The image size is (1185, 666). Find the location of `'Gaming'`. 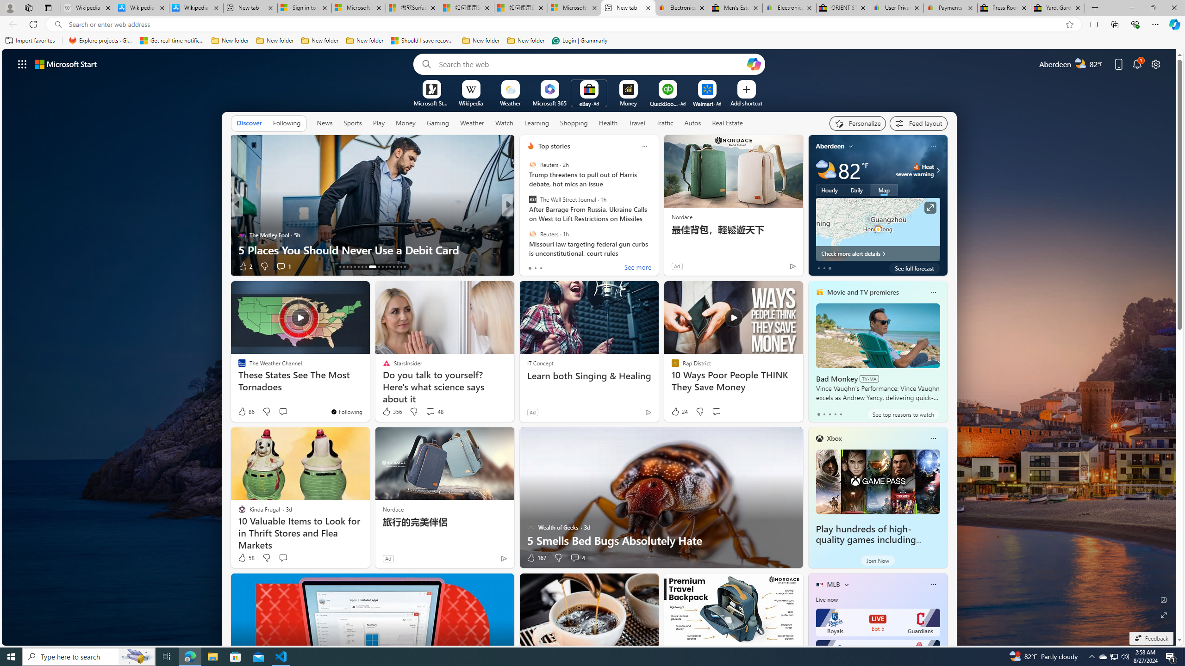

'Gaming' is located at coordinates (437, 123).